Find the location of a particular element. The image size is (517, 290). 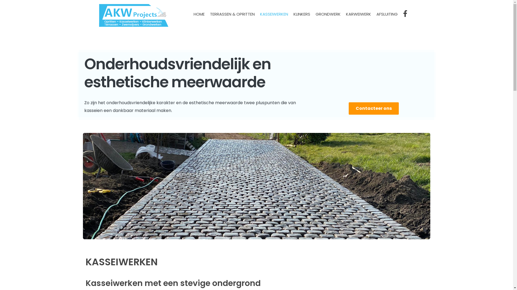

'HOME' is located at coordinates (198, 13).